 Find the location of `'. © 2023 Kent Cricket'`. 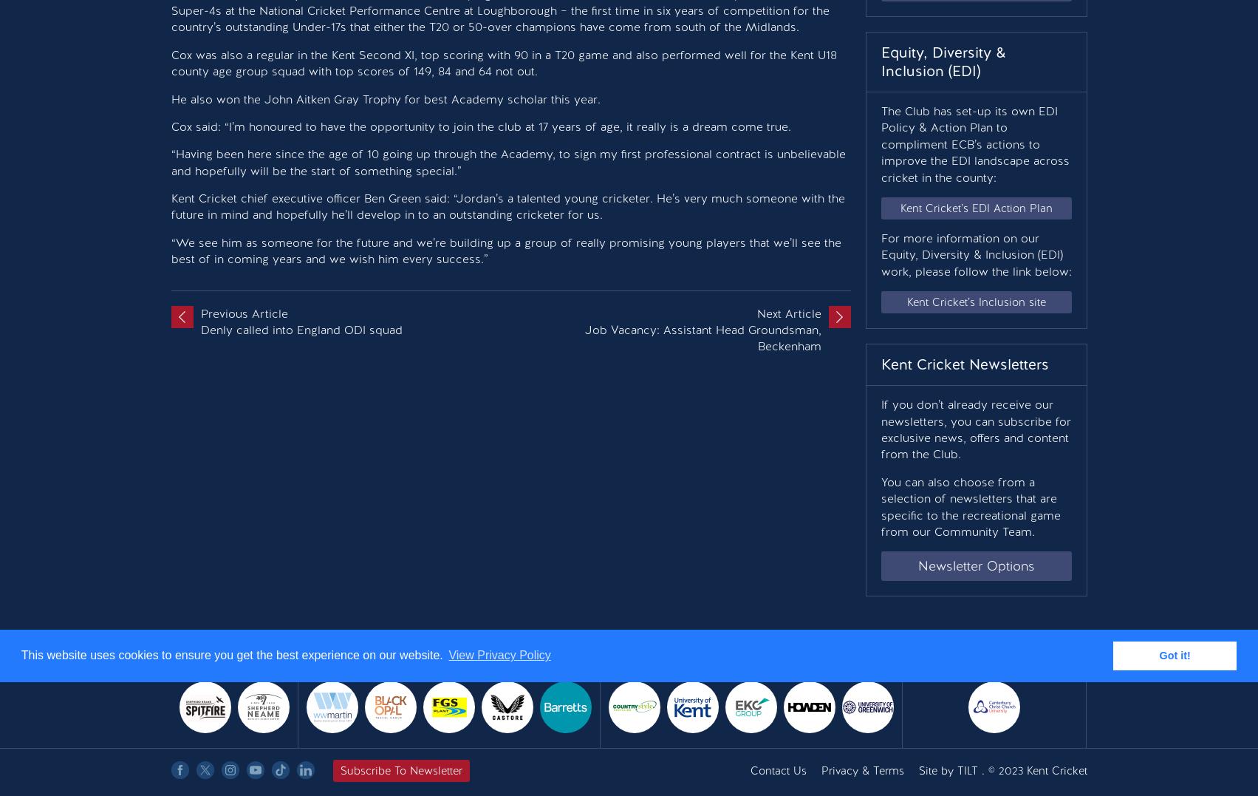

'. © 2023 Kent Cricket' is located at coordinates (977, 770).